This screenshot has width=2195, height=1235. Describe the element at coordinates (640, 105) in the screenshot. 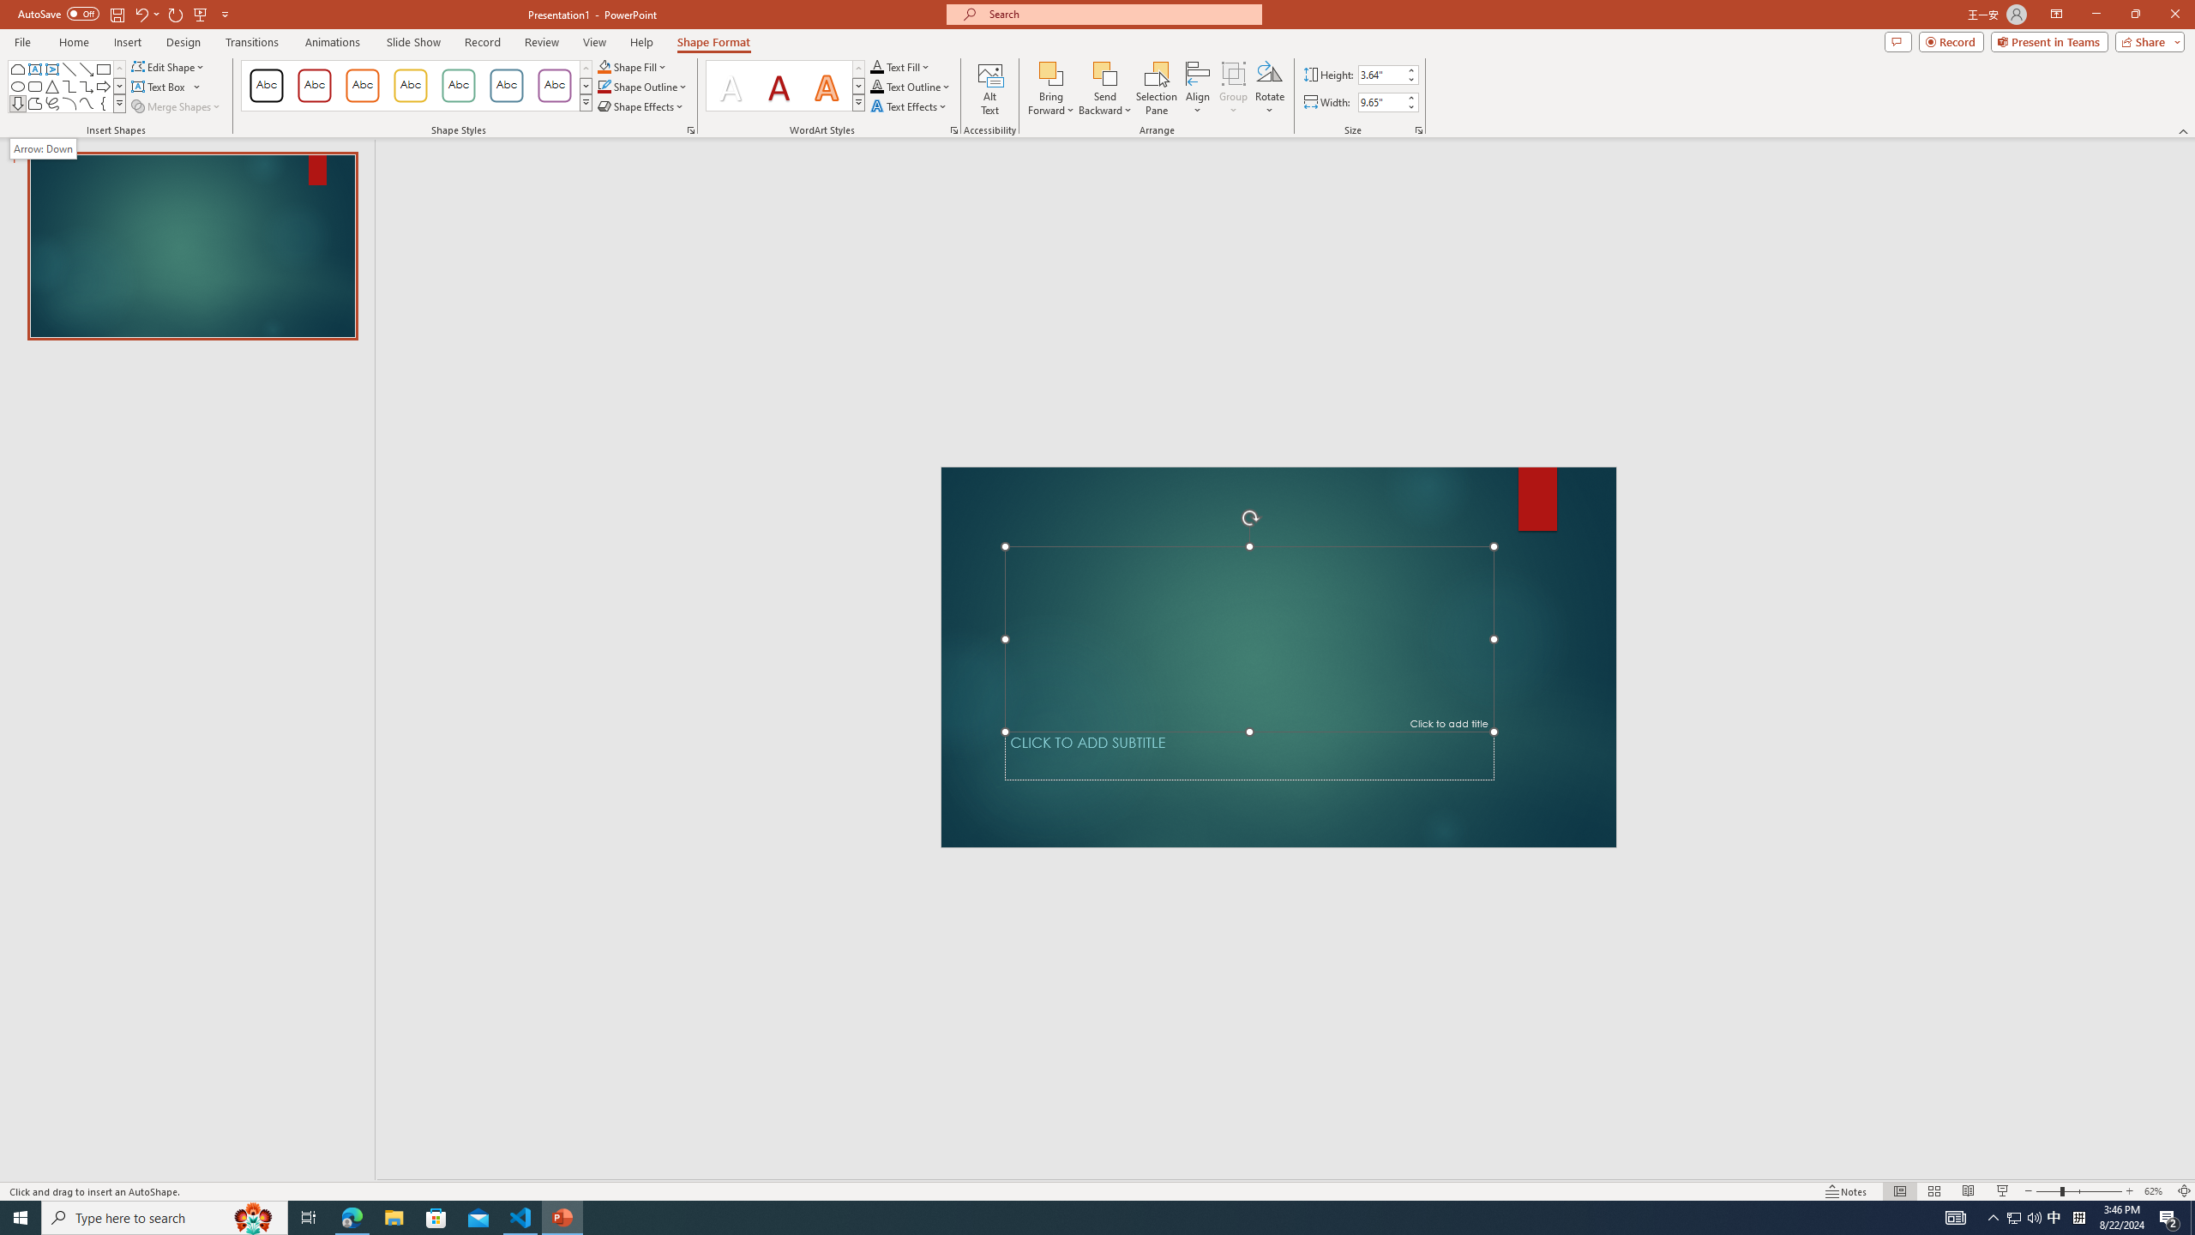

I see `'Shape Effects'` at that location.